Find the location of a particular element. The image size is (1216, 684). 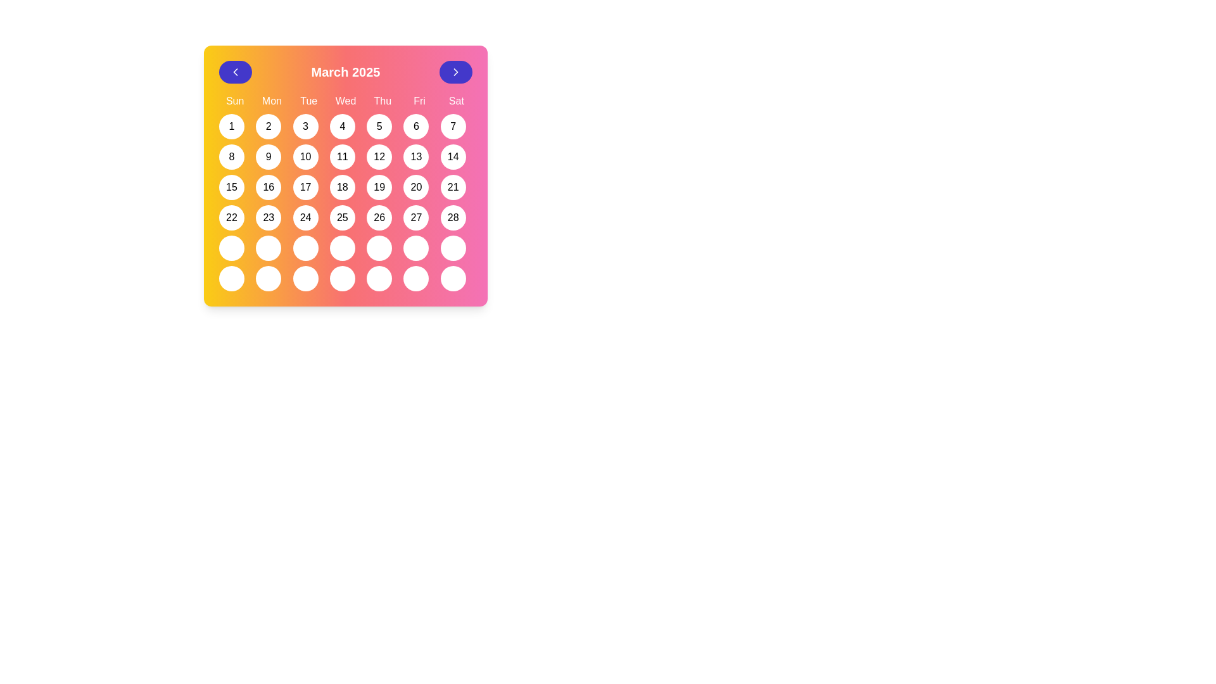

the button representing the date '20' in the calendar is located at coordinates (416, 187).